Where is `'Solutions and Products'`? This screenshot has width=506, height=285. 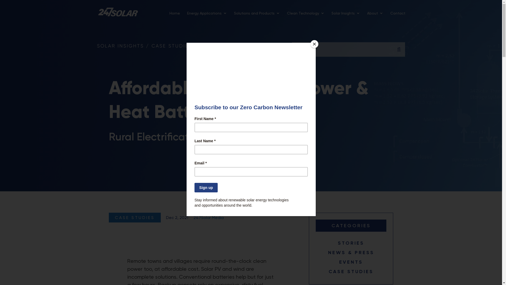
'Solutions and Products' is located at coordinates (234, 17).